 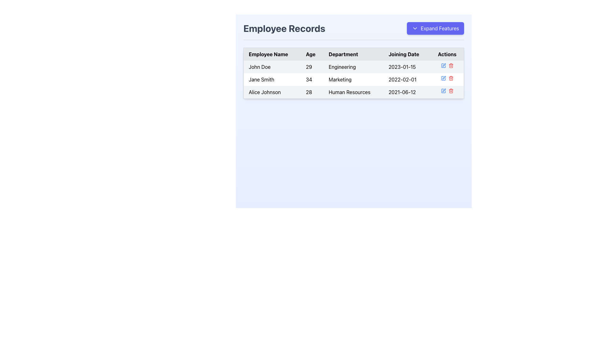 I want to click on the editing button located in the 'Actions' column of the first row of the 'Employee Records' table to initiate the editing process, so click(x=443, y=66).